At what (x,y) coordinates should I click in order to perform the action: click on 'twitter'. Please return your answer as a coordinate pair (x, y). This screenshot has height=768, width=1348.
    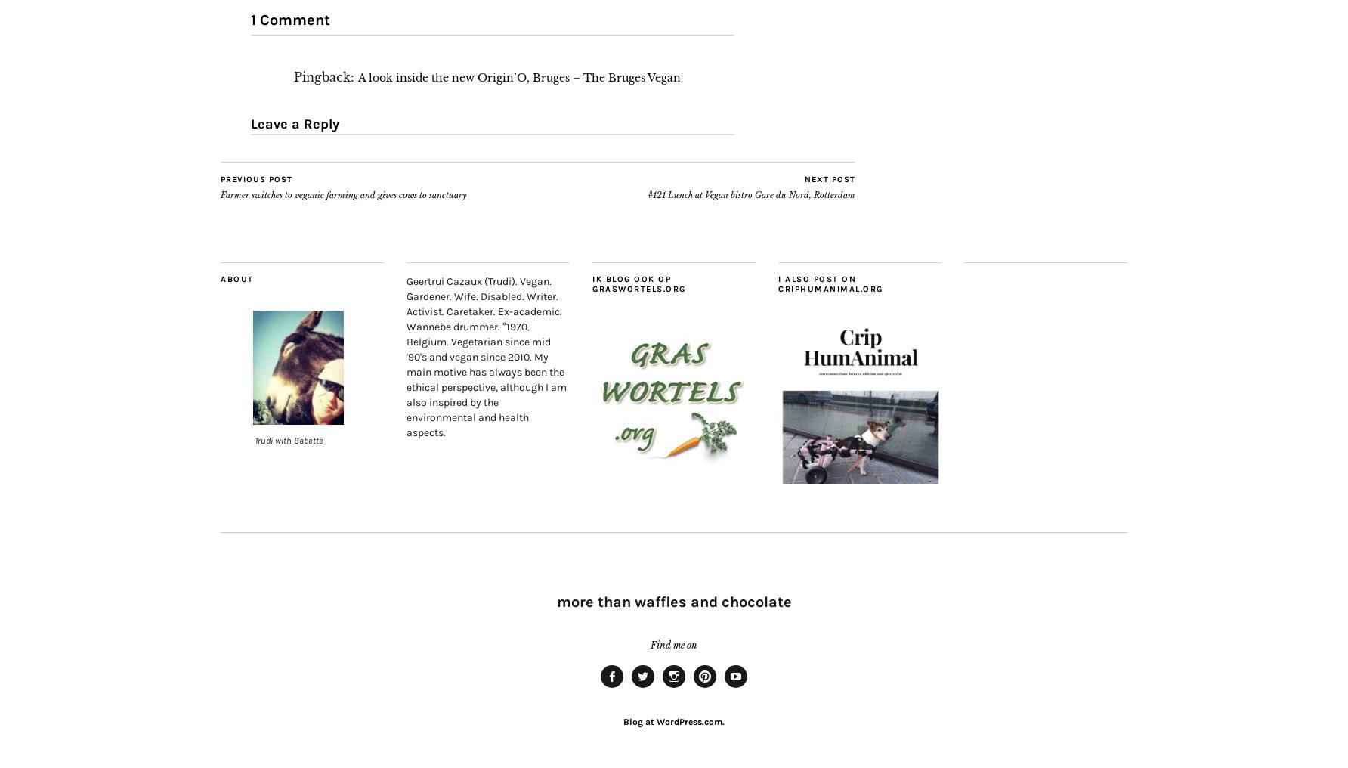
    Looking at the image, I should click on (651, 692).